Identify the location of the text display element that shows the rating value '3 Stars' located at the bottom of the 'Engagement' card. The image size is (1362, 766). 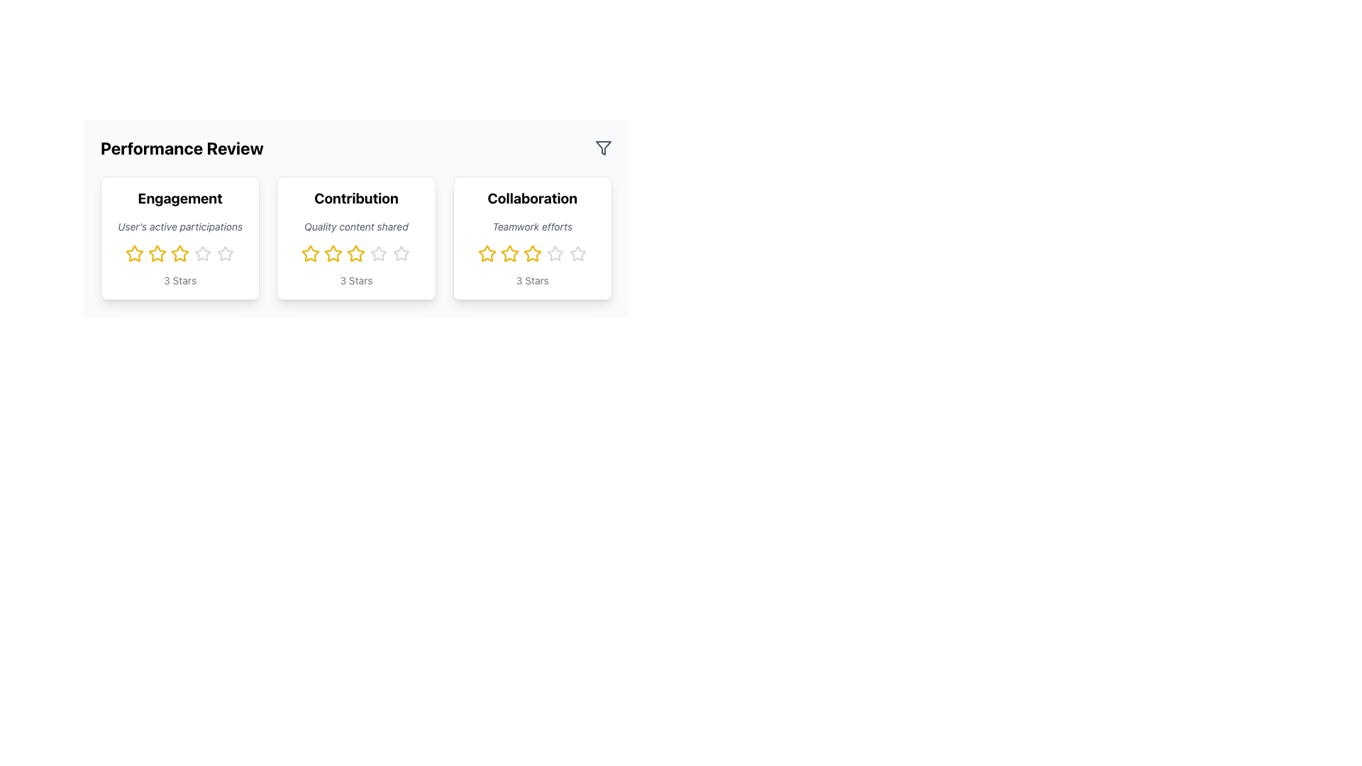
(179, 281).